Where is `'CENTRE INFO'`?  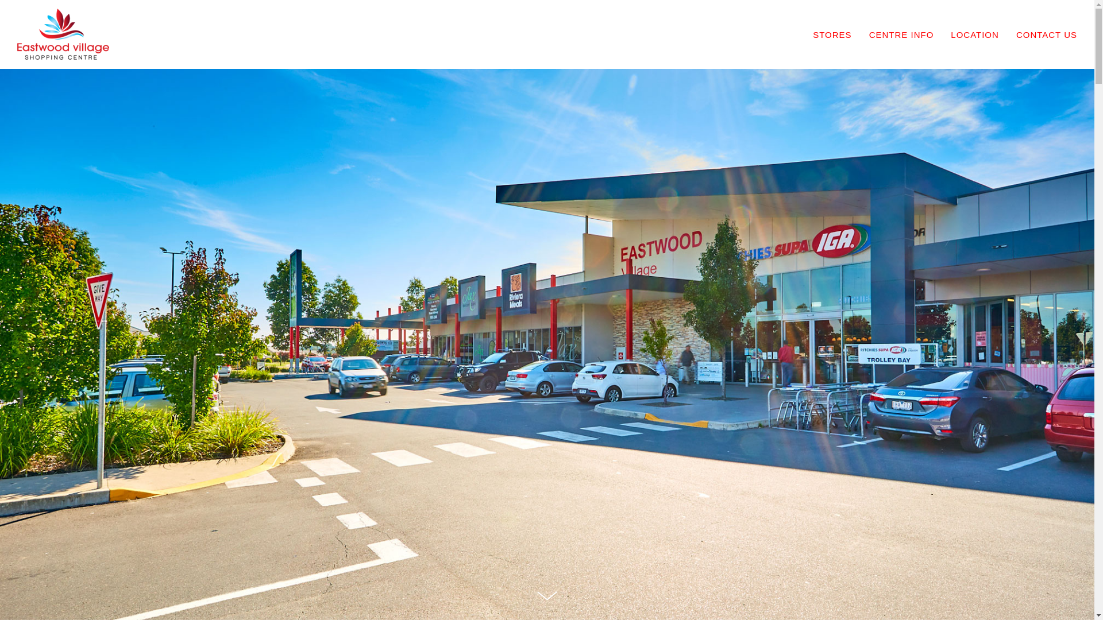 'CENTRE INFO' is located at coordinates (909, 34).